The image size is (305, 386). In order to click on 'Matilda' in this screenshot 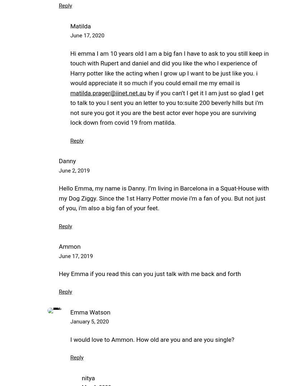, I will do `click(80, 26)`.